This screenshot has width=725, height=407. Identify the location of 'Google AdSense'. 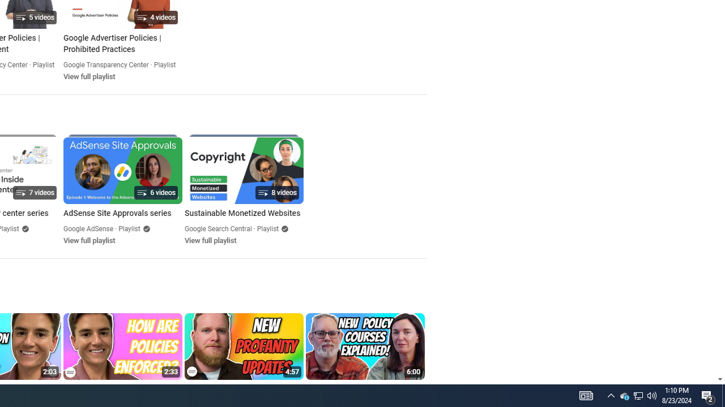
(88, 229).